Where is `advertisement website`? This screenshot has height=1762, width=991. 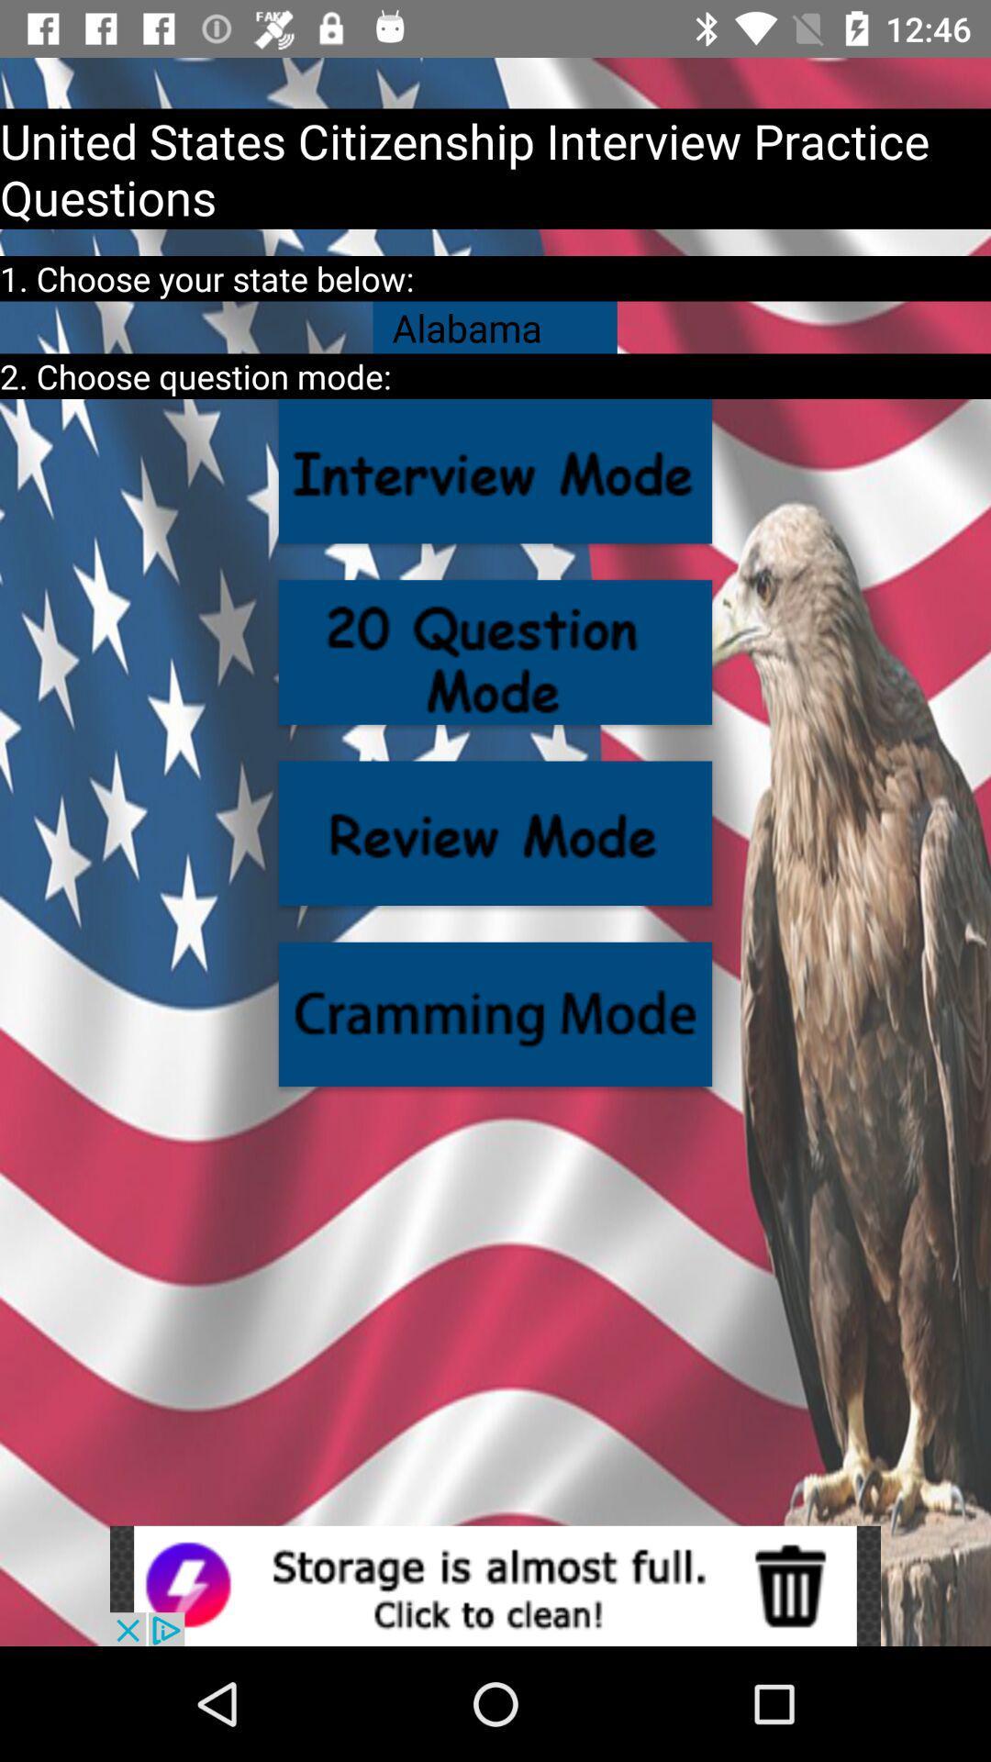
advertisement website is located at coordinates (495, 1585).